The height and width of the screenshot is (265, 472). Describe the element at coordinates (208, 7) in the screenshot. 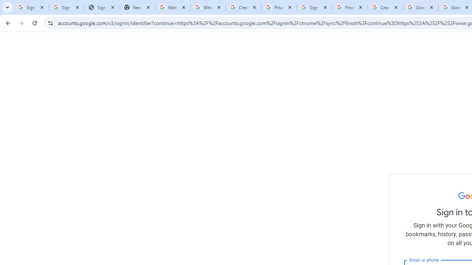

I see `'Who is my administrator? - Google Account Help'` at that location.